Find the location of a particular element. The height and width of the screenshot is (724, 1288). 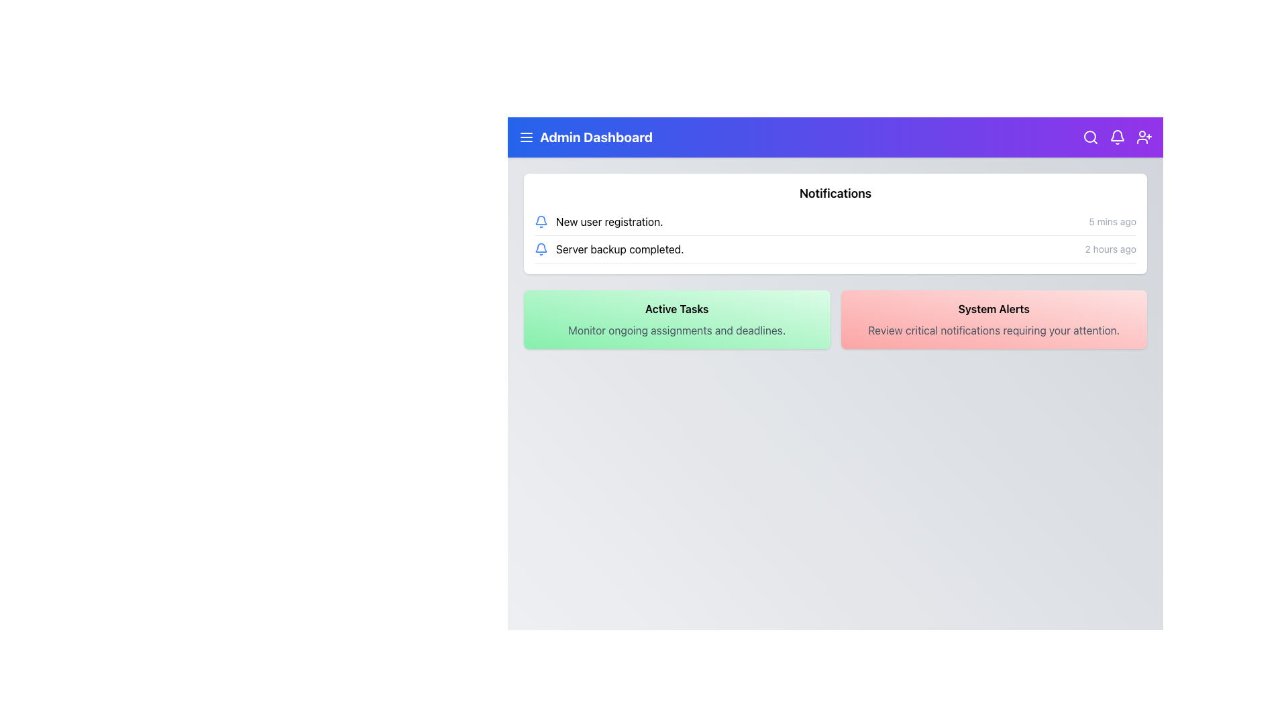

the menu toggle icon located in the top-left corner of the interface, within the blue banner, preceding the text 'Admin Dashboard' to visualize its hover state is located at coordinates (526, 137).